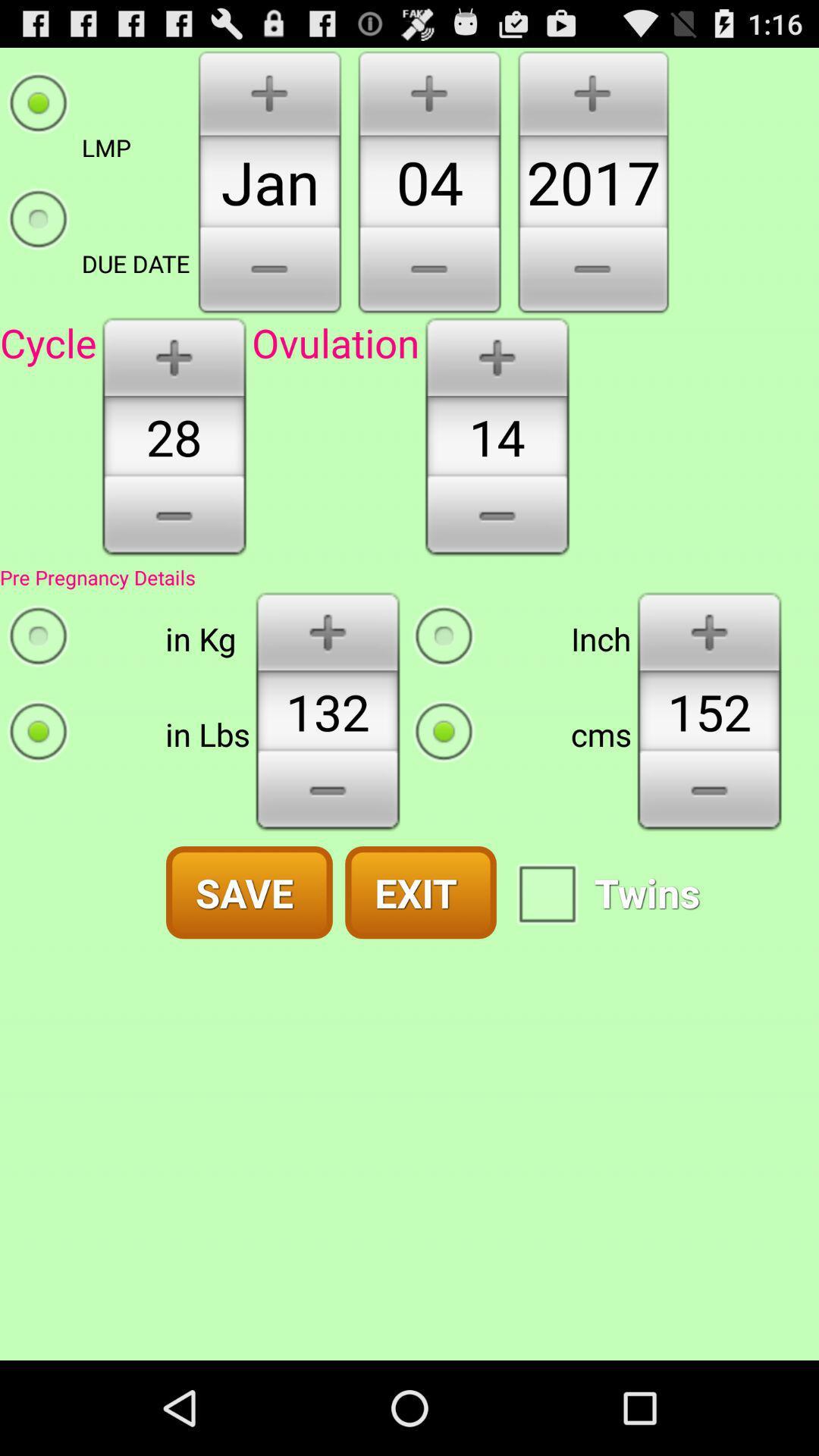  I want to click on subtract the number, so click(173, 521).